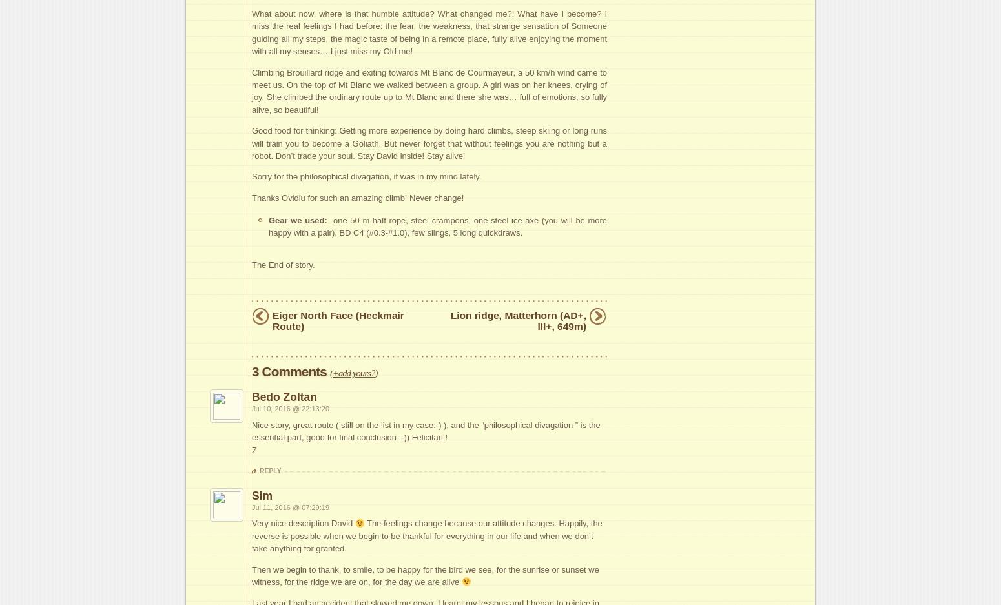 The image size is (1001, 605). What do you see at coordinates (353, 373) in the screenshot?
I see `'+add yours?'` at bounding box center [353, 373].